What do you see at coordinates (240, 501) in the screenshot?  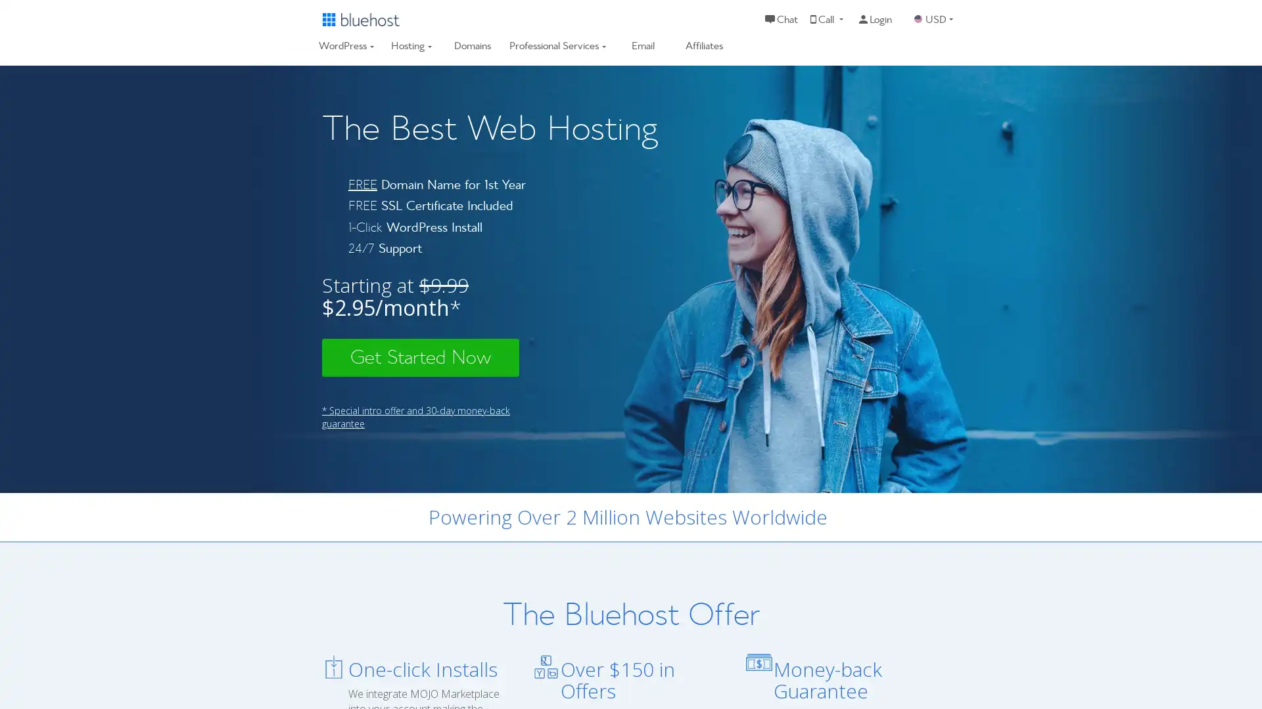 I see `Close` at bounding box center [240, 501].